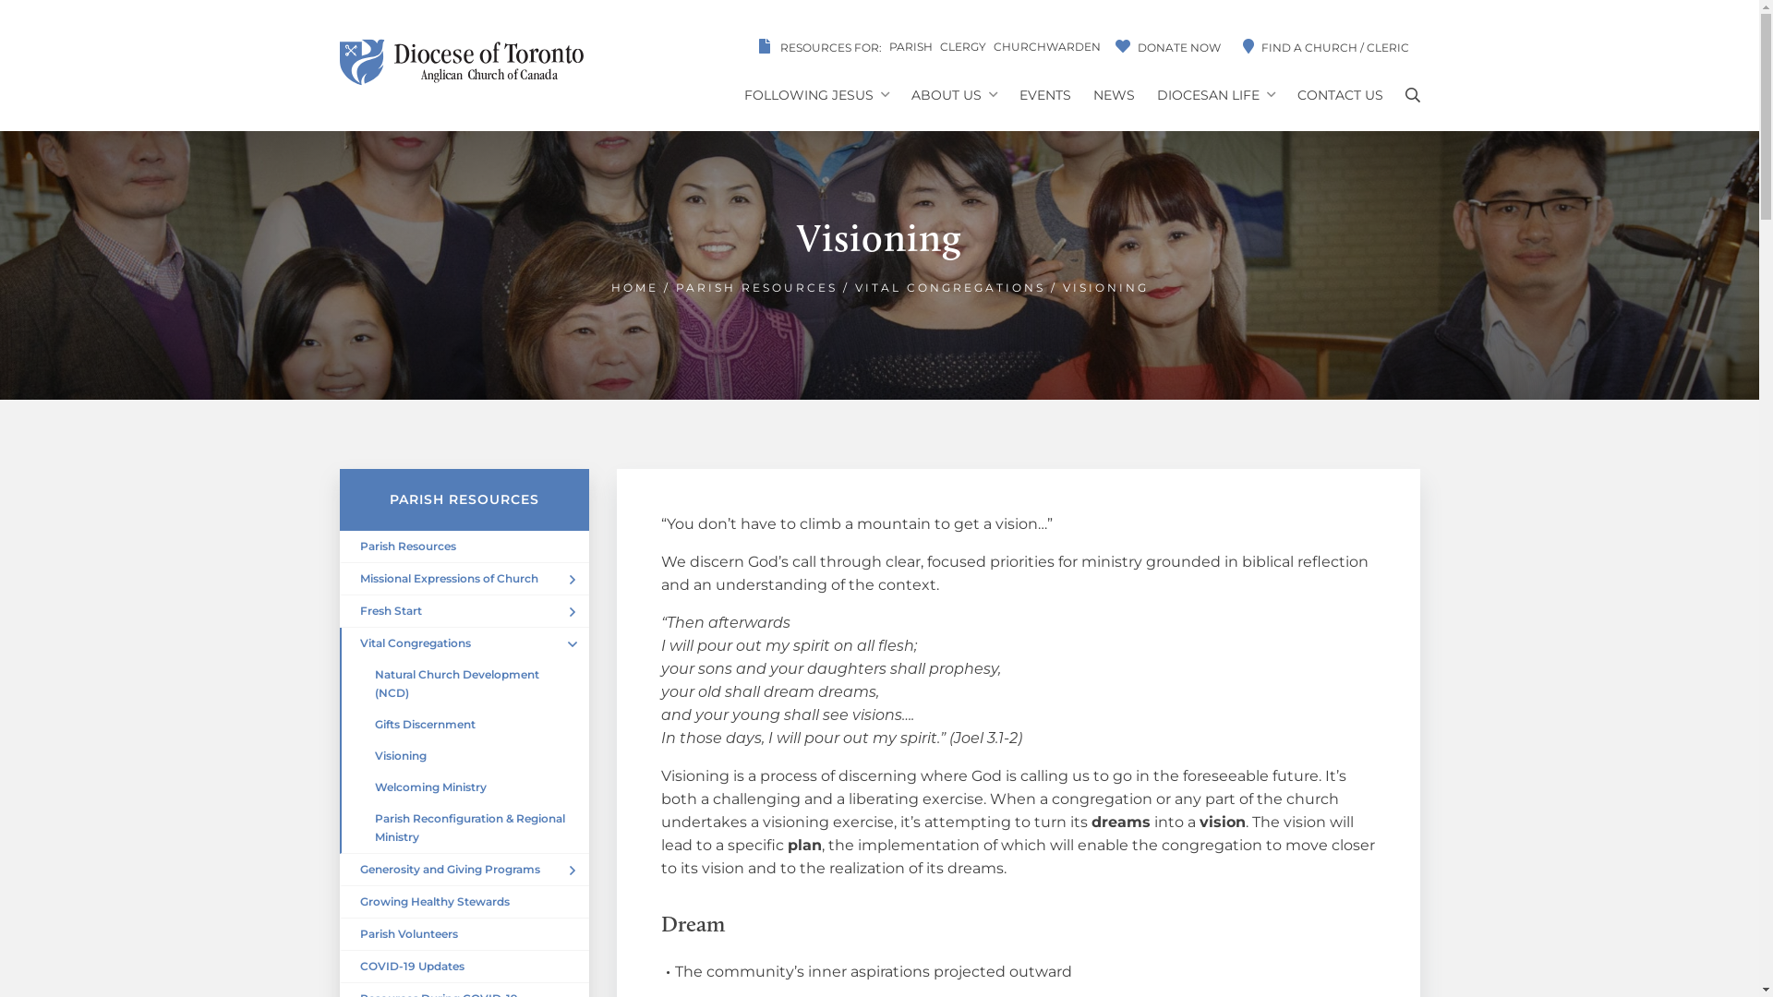  I want to click on 'PARISH', so click(910, 45).